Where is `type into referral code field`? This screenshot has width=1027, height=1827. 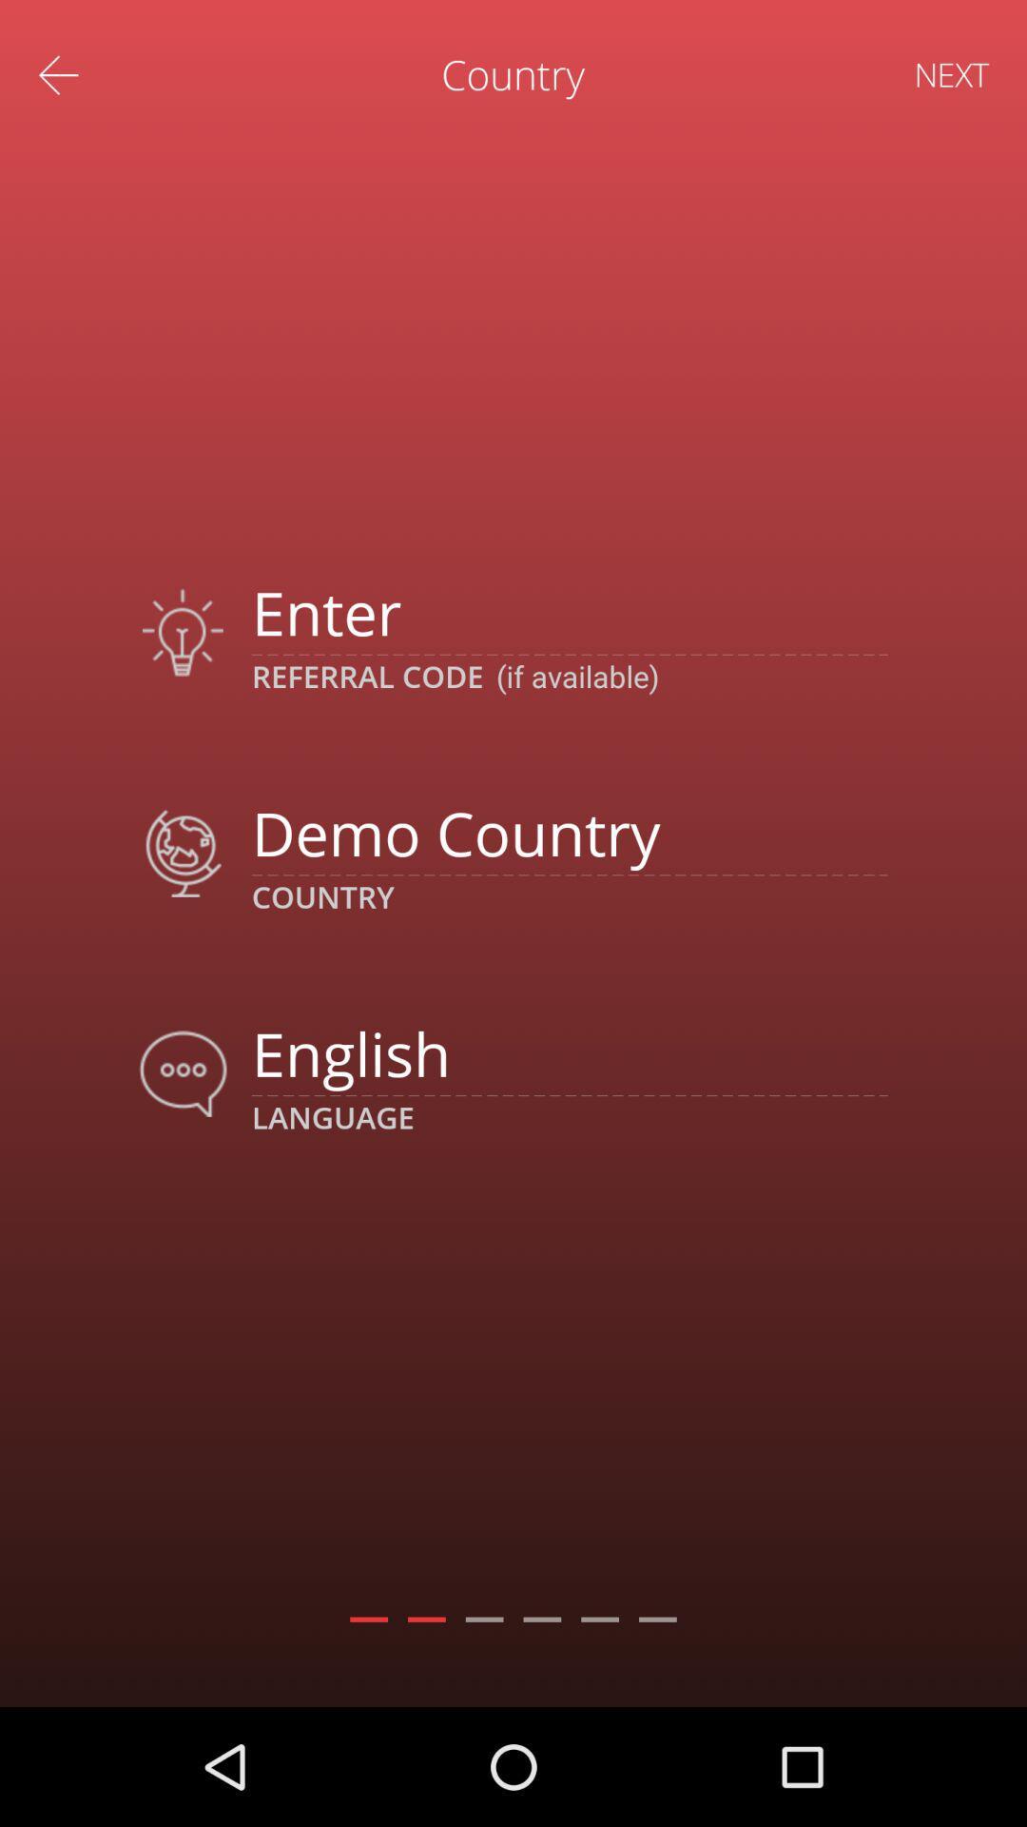
type into referral code field is located at coordinates (569, 612).